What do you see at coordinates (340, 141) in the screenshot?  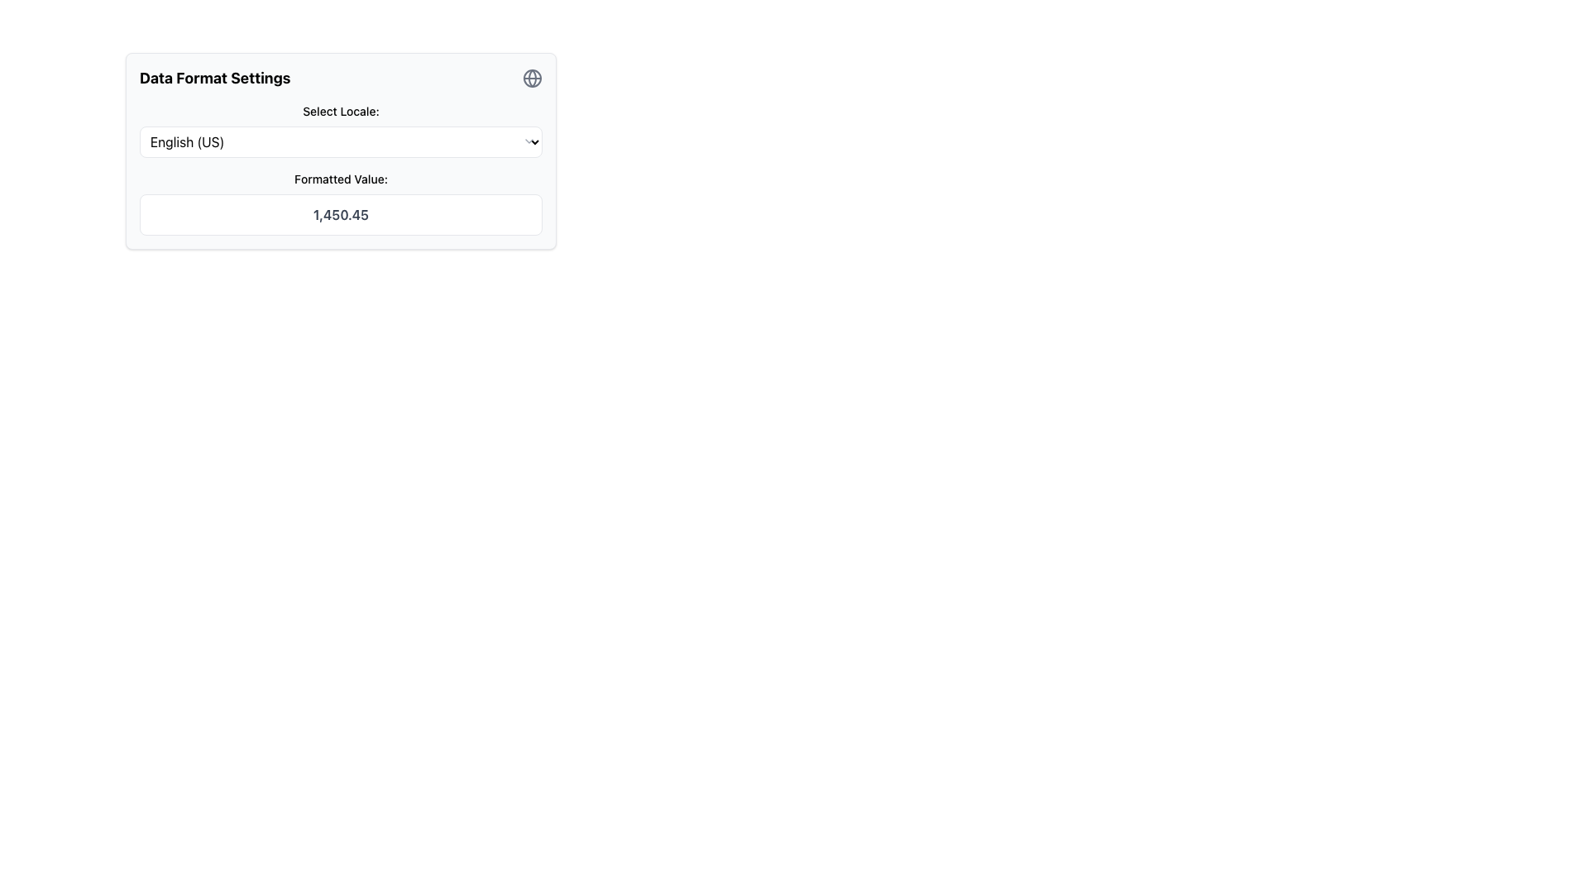 I see `the dropdown menu labeled 'English (US)' which is located beneath 'Select Locale:' in the 'Data Format Settings' area` at bounding box center [340, 141].